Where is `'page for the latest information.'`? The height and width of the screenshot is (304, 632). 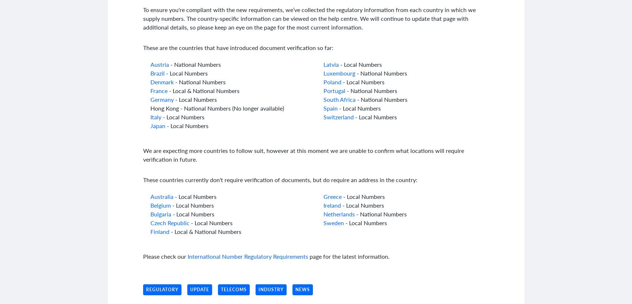 'page for the latest information.' is located at coordinates (348, 256).